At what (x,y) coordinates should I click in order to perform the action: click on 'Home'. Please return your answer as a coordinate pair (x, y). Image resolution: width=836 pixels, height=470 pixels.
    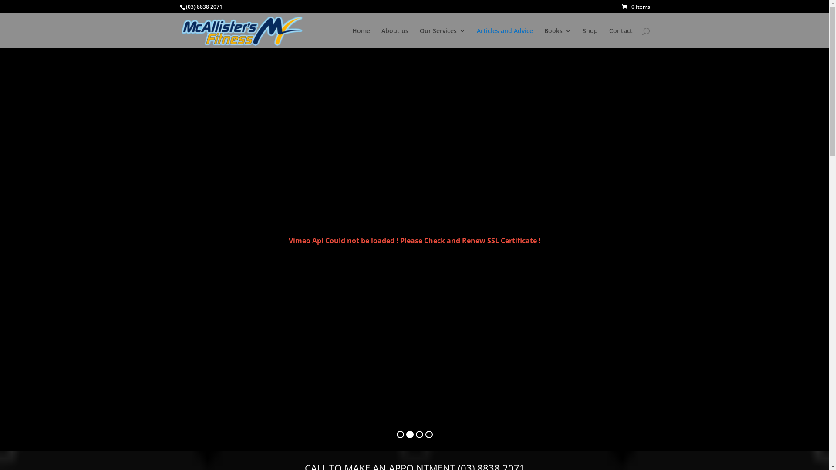
    Looking at the image, I should click on (351, 37).